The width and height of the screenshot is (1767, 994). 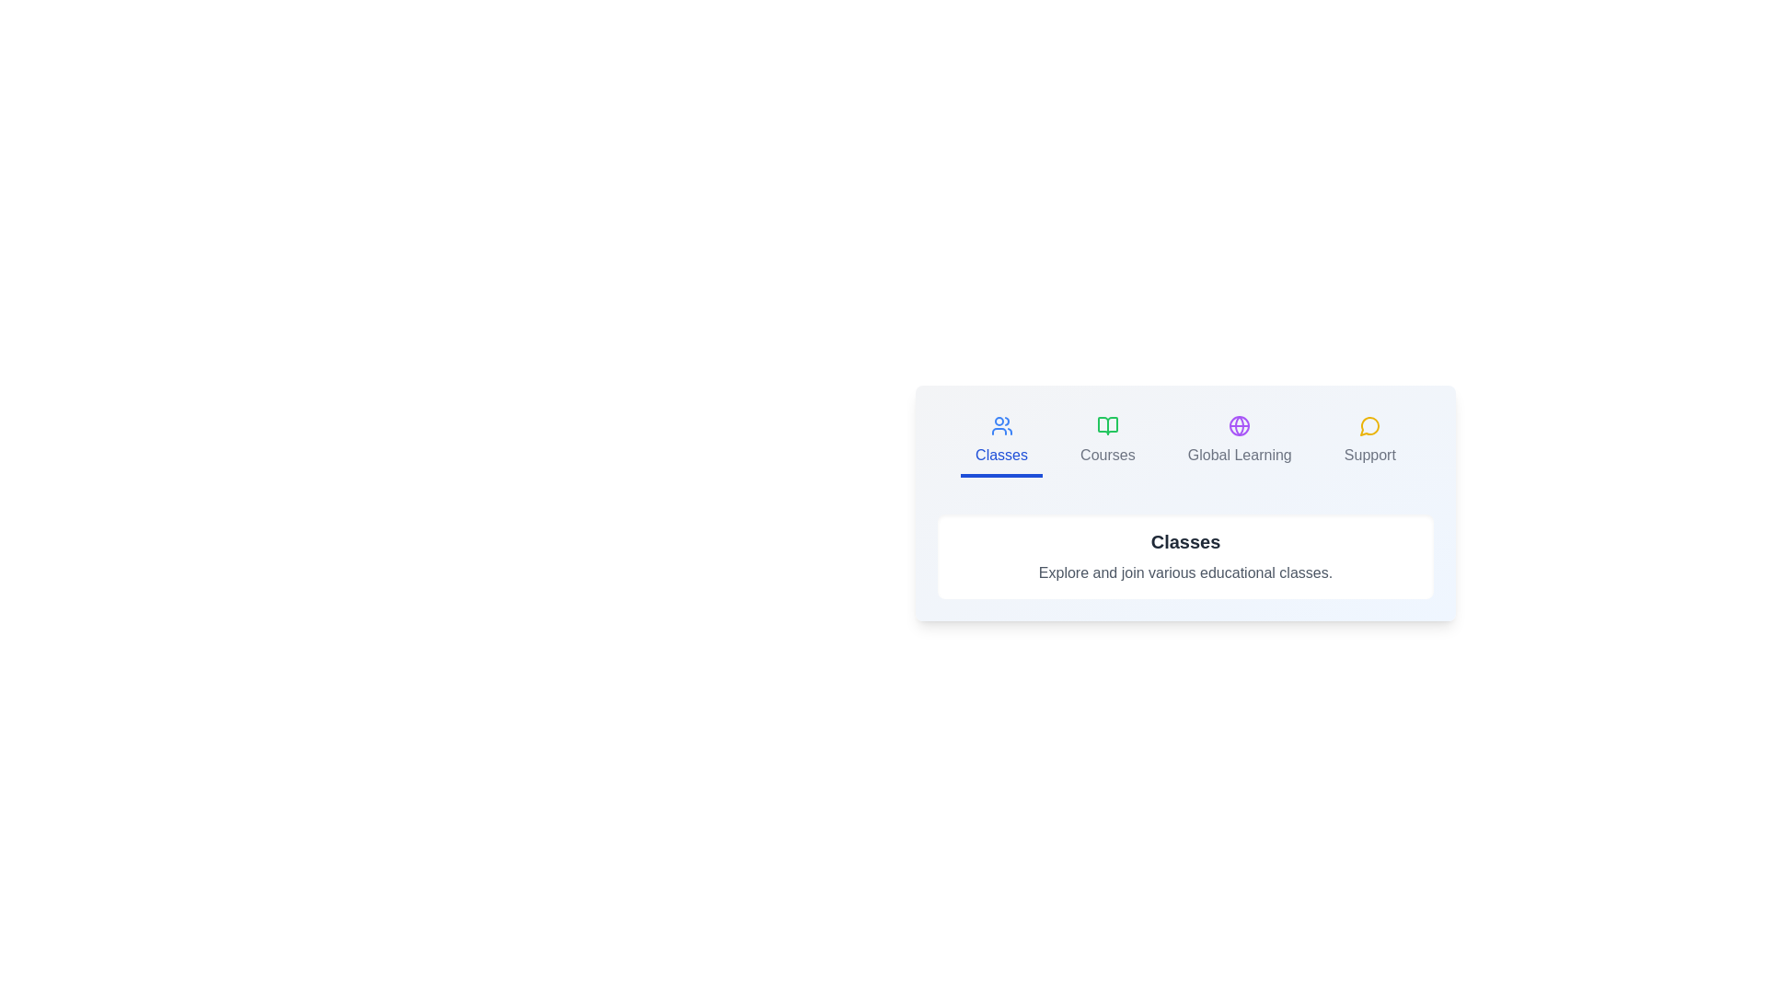 I want to click on the Classes tab by clicking on it, so click(x=1000, y=443).